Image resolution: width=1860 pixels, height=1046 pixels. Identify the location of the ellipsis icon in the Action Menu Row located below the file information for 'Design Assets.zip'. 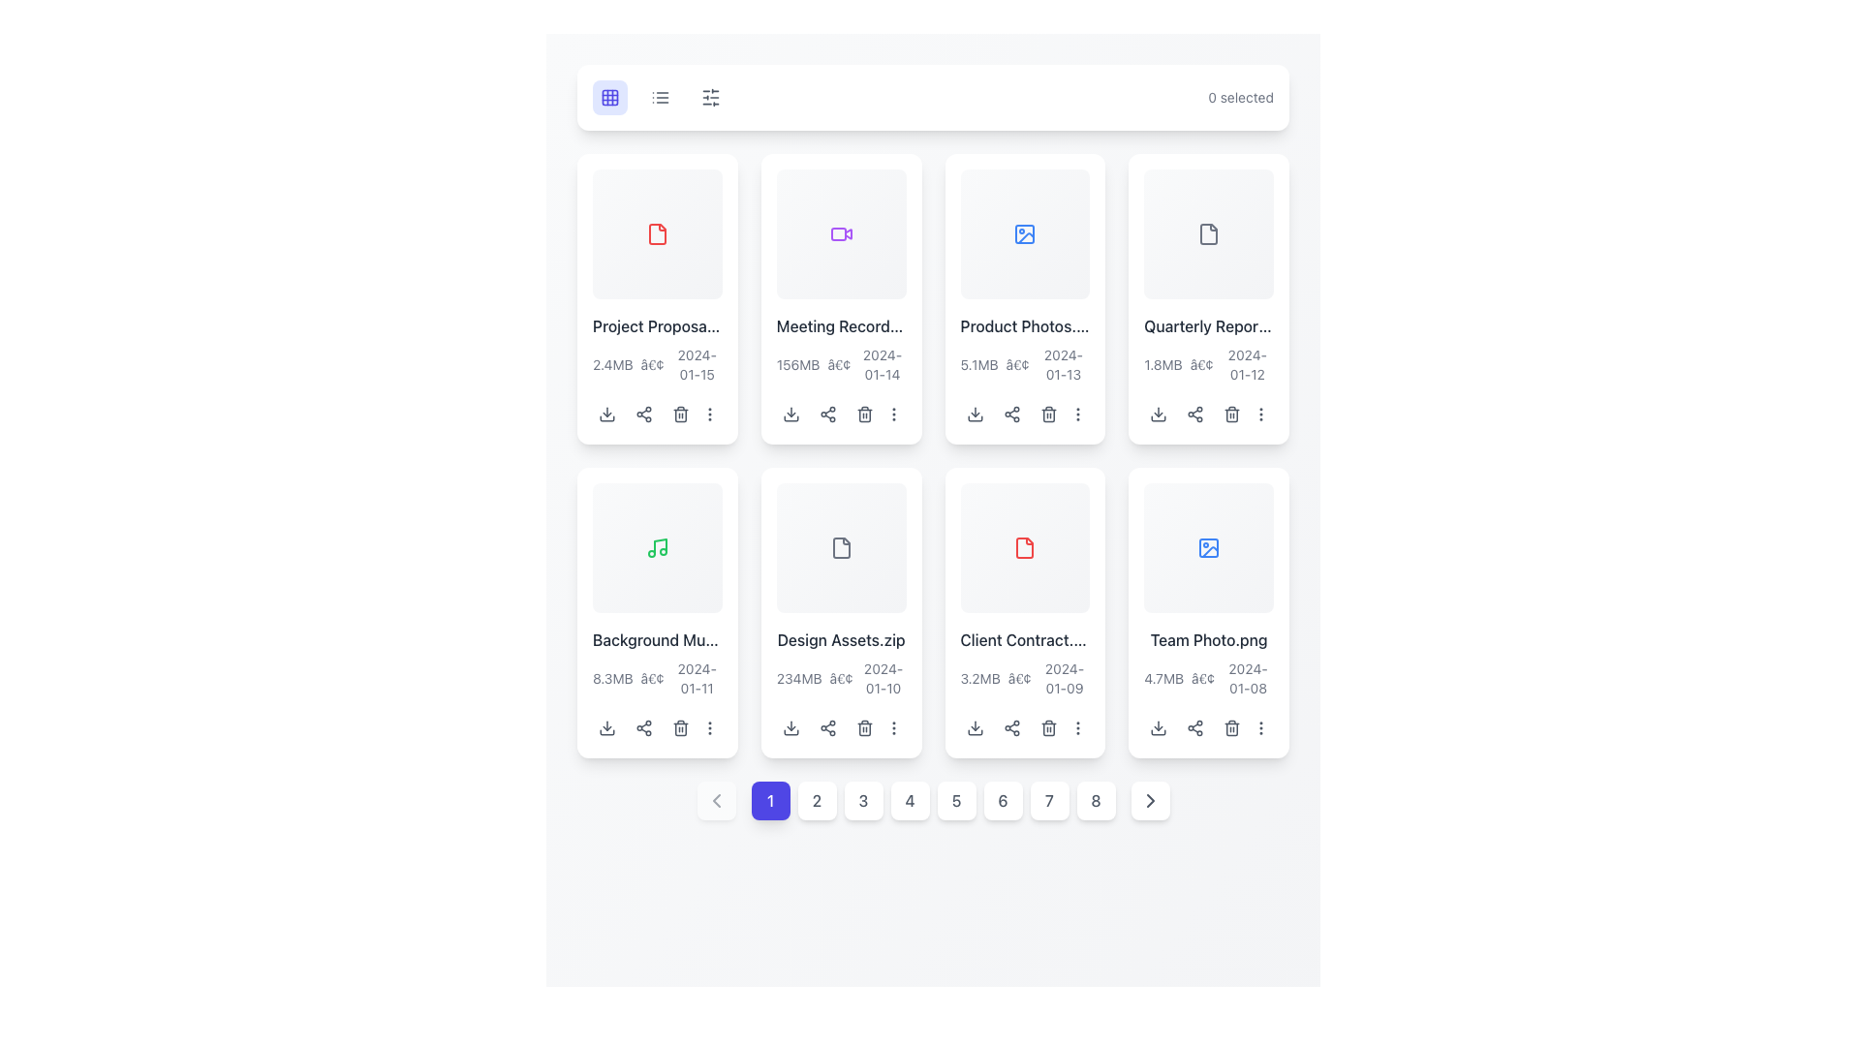
(841, 727).